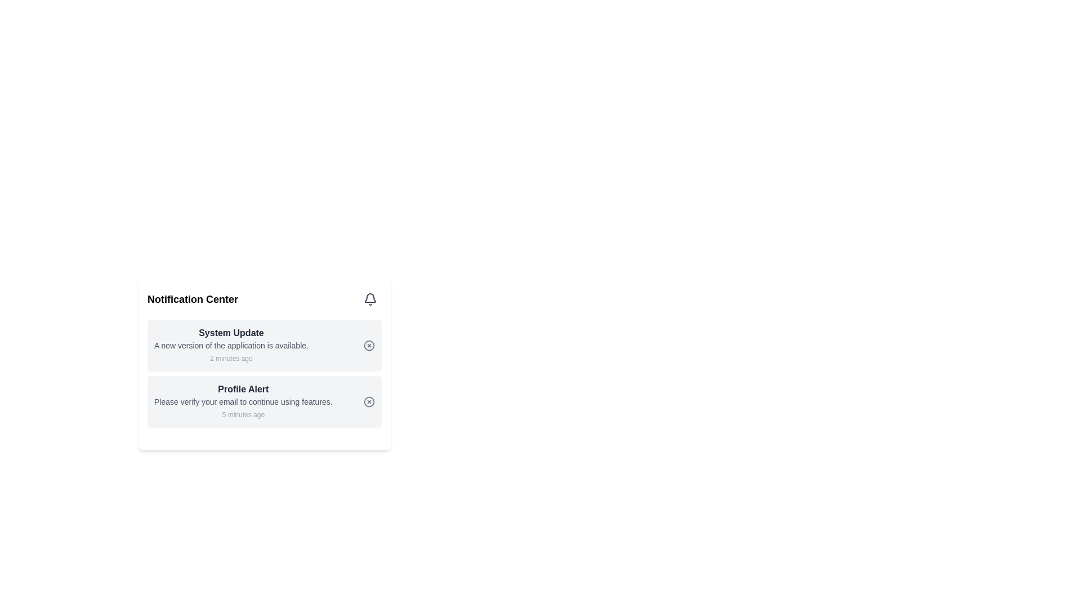 The height and width of the screenshot is (608, 1081). What do you see at coordinates (231, 332) in the screenshot?
I see `the text label that reads 'System Update', which is prominently displayed at the top of a notification card in dark gray bold font` at bounding box center [231, 332].